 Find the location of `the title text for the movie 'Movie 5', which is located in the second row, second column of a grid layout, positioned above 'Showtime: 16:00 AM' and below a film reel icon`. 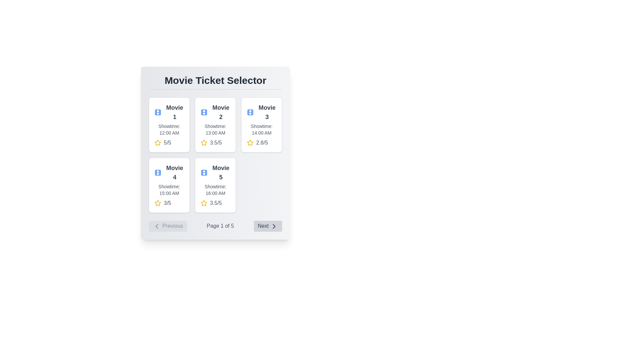

the title text for the movie 'Movie 5', which is located in the second row, second column of a grid layout, positioned above 'Showtime: 16:00 AM' and below a film reel icon is located at coordinates (221, 172).